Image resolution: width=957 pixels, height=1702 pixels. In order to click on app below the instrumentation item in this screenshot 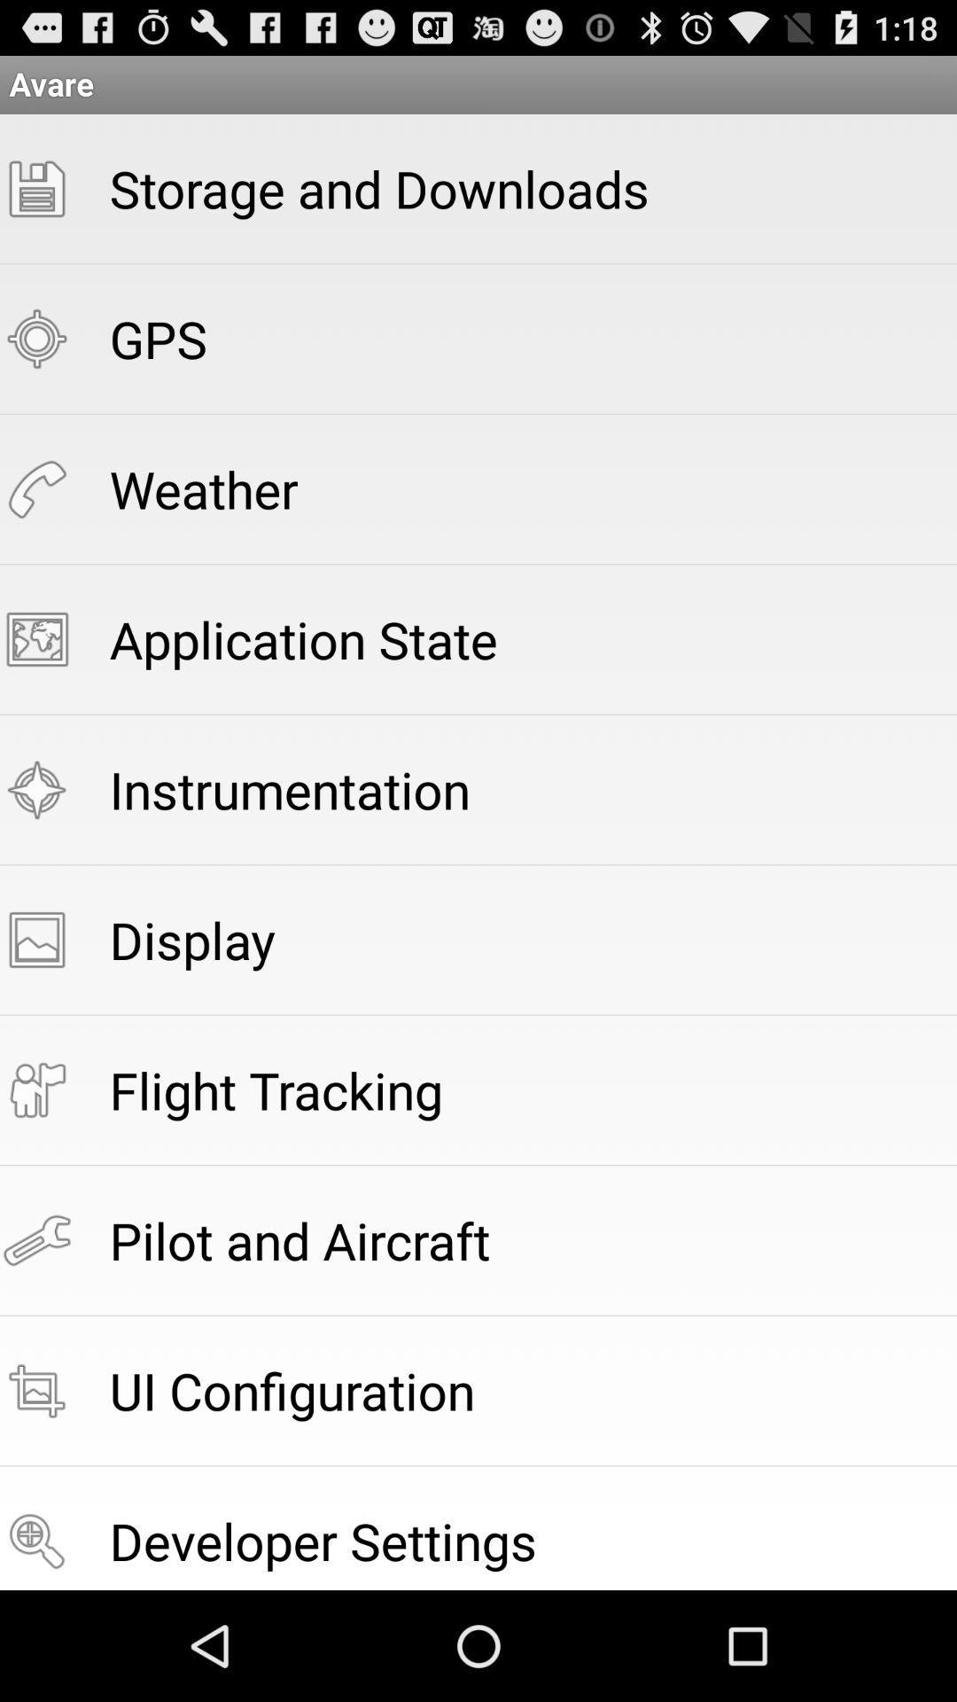, I will do `click(192, 939)`.